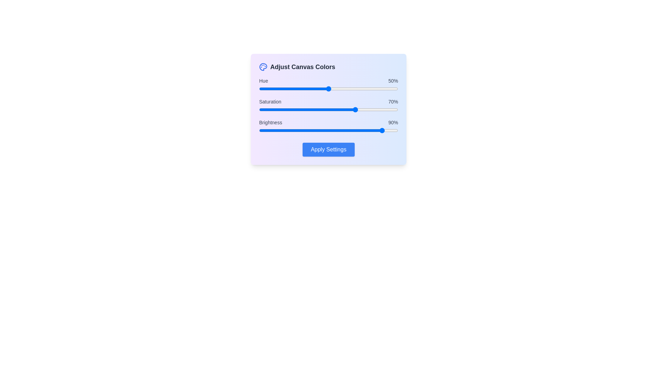 Image resolution: width=667 pixels, height=375 pixels. Describe the element at coordinates (302, 67) in the screenshot. I see `the 'Adjust Canvas Colors' title` at that location.